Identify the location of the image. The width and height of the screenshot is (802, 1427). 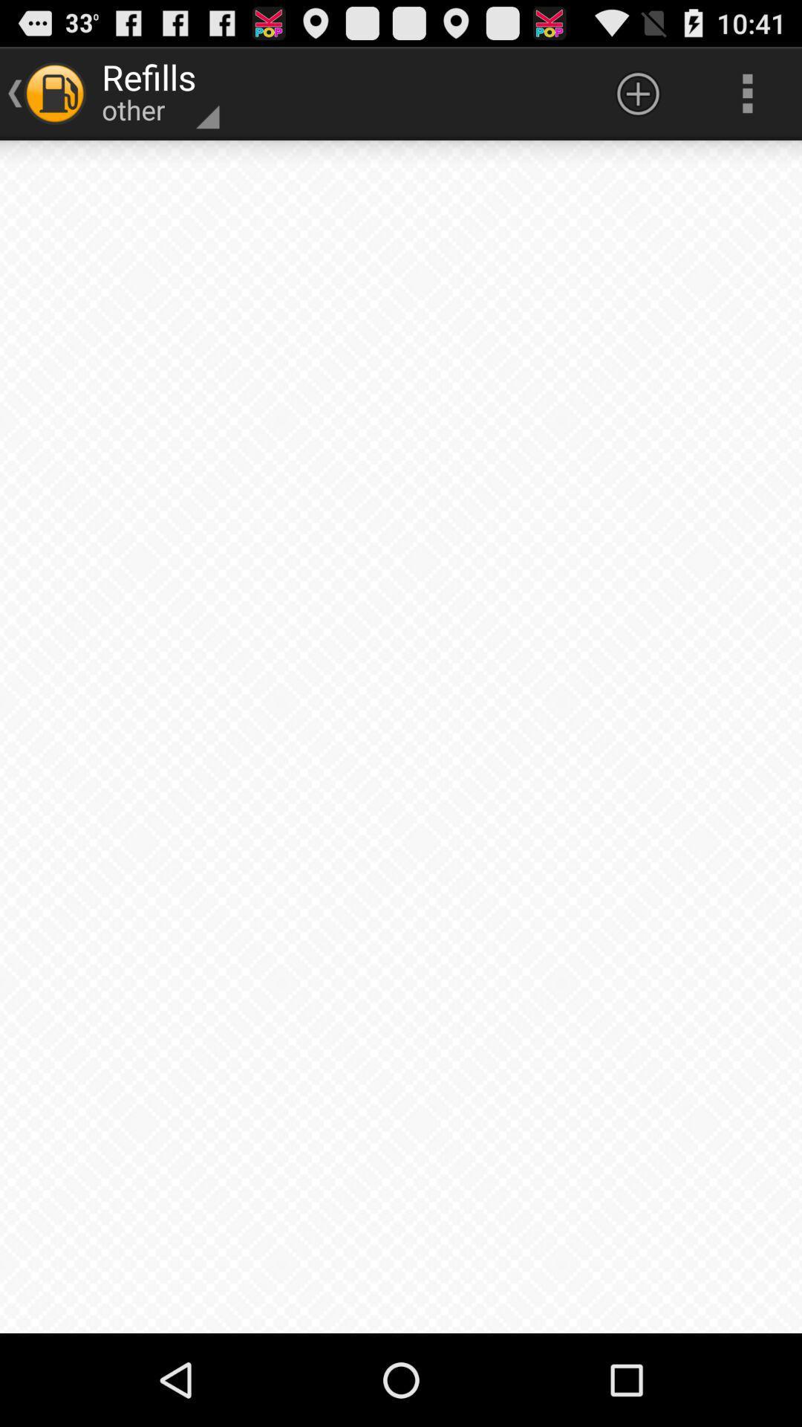
(401, 737).